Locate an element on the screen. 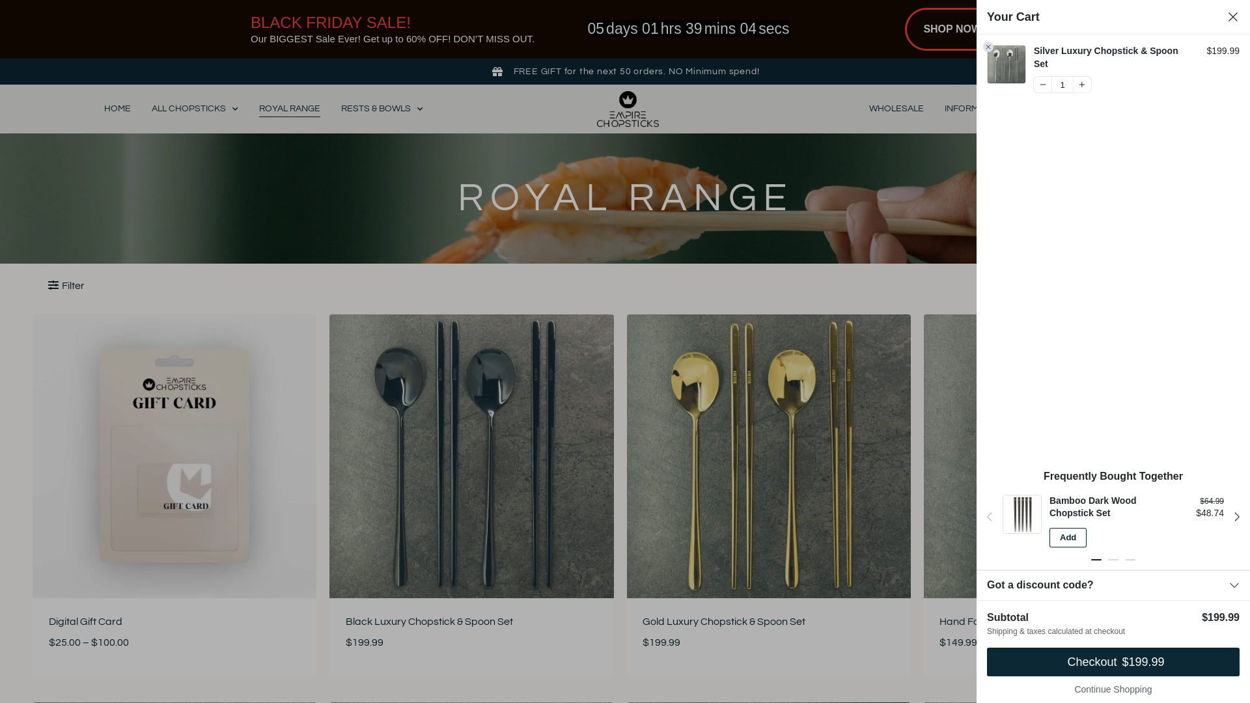  'Digital Gift Card' is located at coordinates (84, 621).